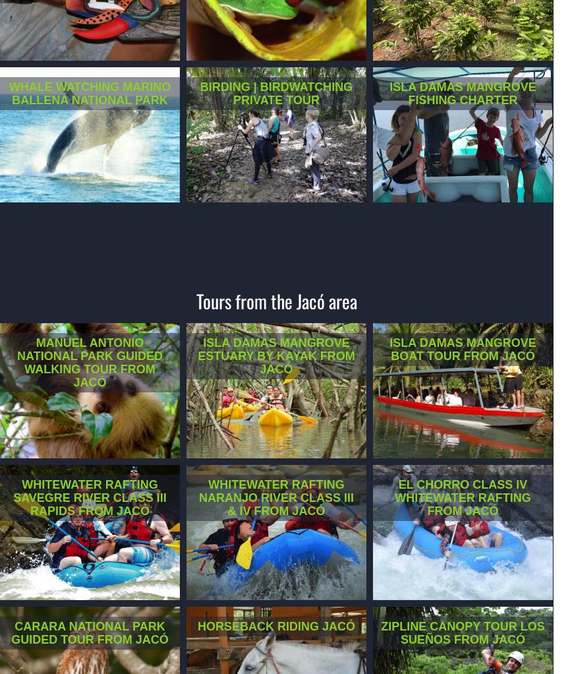 This screenshot has height=674, width=572. I want to click on 'Explore the Naranjito rainforest, where your guide will assist in identifying different birds in this location where 250 different species have been spotted.', so click(200, 138).